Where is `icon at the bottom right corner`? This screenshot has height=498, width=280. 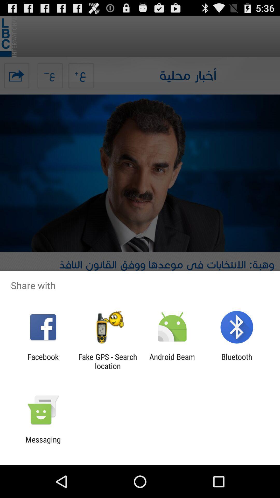
icon at the bottom right corner is located at coordinates (237, 361).